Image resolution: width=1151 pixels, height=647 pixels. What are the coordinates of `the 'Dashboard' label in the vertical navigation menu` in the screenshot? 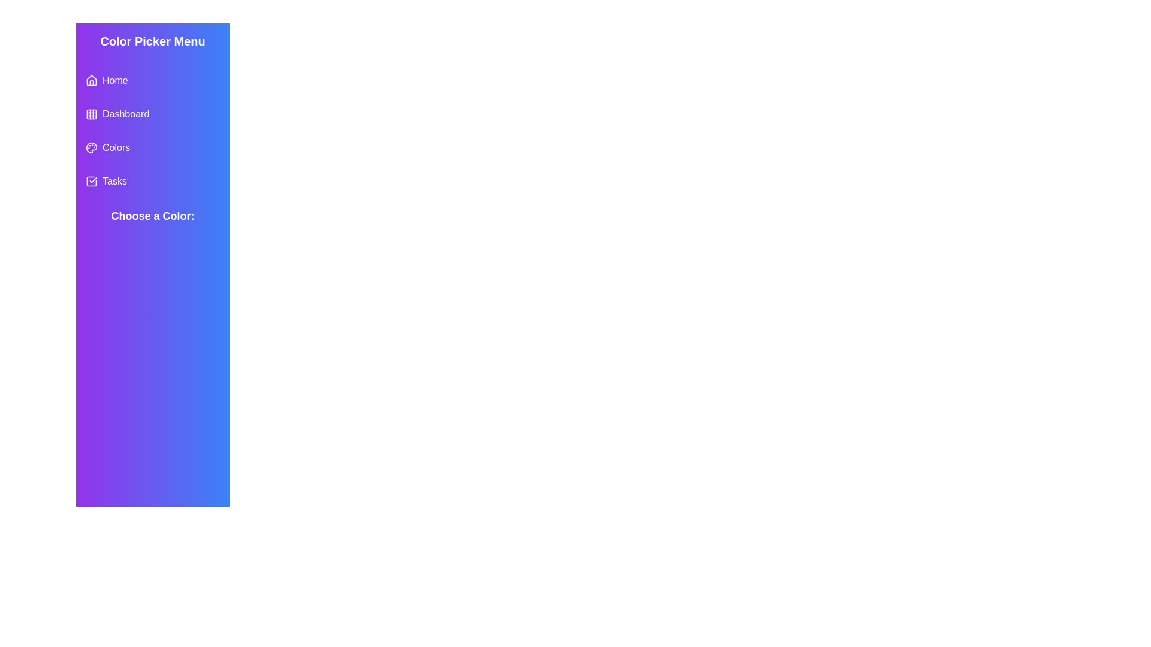 It's located at (126, 114).